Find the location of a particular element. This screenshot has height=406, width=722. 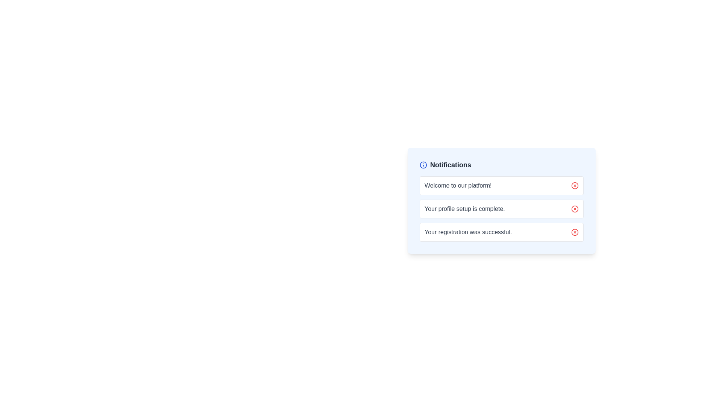

the notification message that reads 'Your registration was successful.' by clicking on it is located at coordinates (502, 232).